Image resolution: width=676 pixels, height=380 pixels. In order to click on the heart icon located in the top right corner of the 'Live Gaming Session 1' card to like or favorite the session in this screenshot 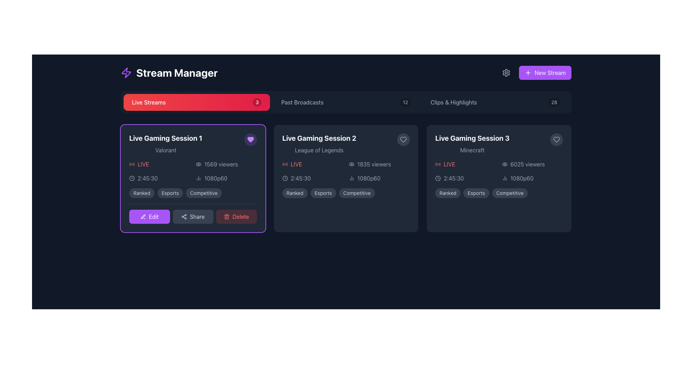, I will do `click(556, 140)`.